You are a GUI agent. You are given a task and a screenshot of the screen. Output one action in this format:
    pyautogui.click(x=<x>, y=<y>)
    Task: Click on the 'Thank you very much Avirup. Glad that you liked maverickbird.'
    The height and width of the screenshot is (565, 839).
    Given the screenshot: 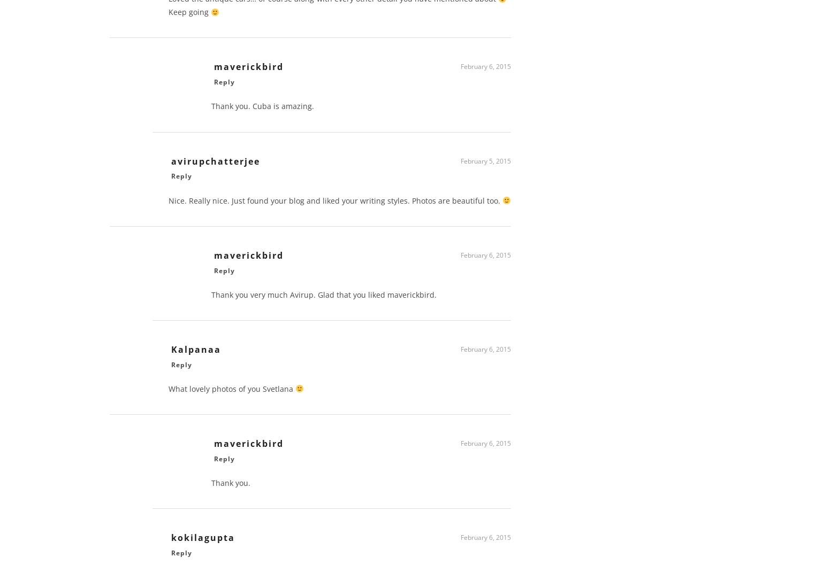 What is the action you would take?
    pyautogui.click(x=324, y=298)
    